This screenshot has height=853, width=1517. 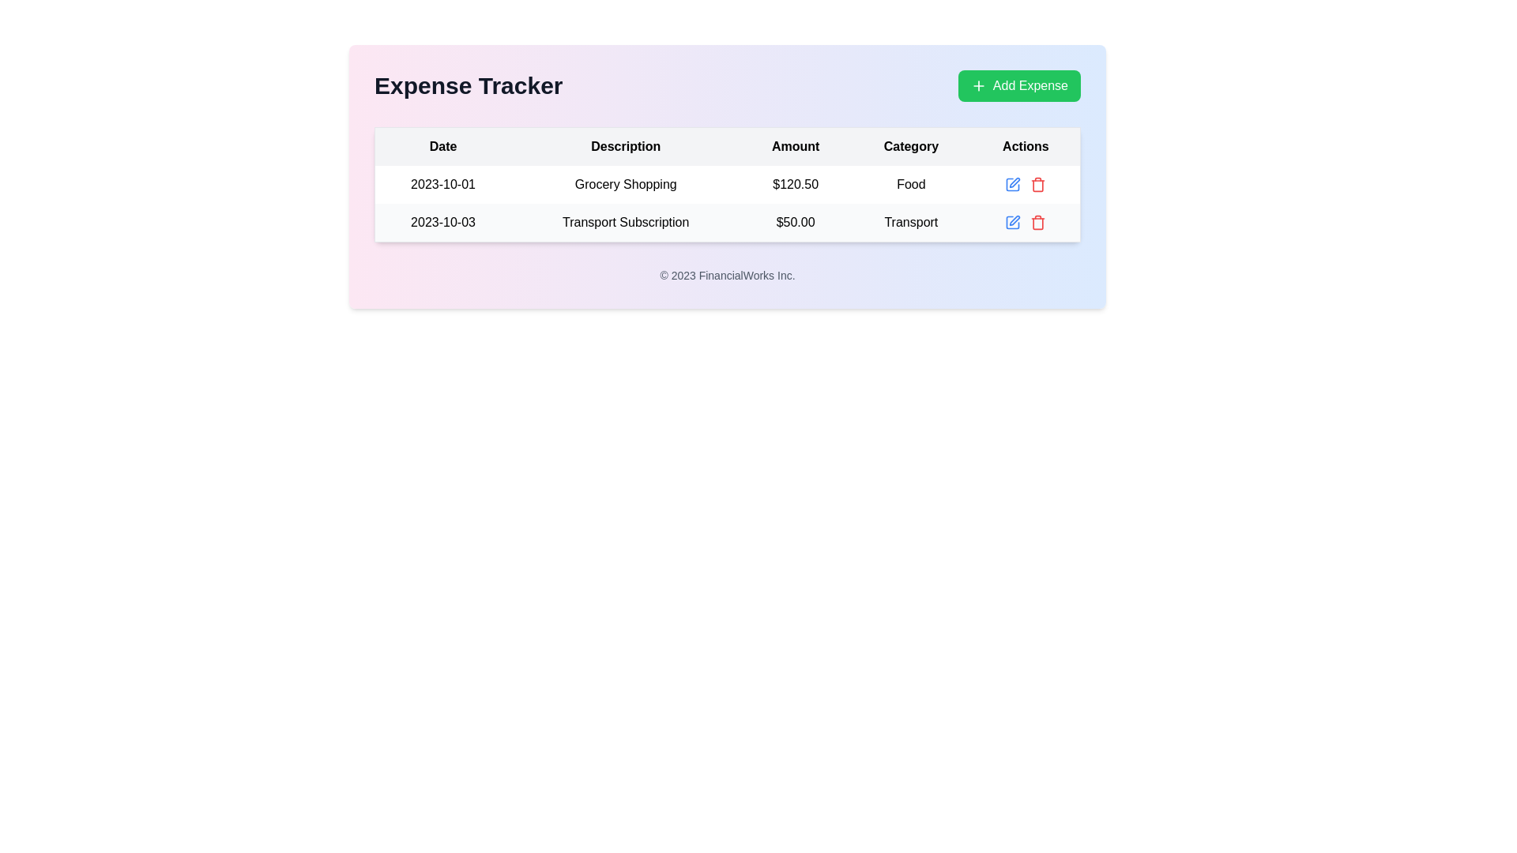 What do you see at coordinates (442, 223) in the screenshot?
I see `the non-editable text field displaying the date '2023-10-03' in the second row of the Expense Tracker table` at bounding box center [442, 223].